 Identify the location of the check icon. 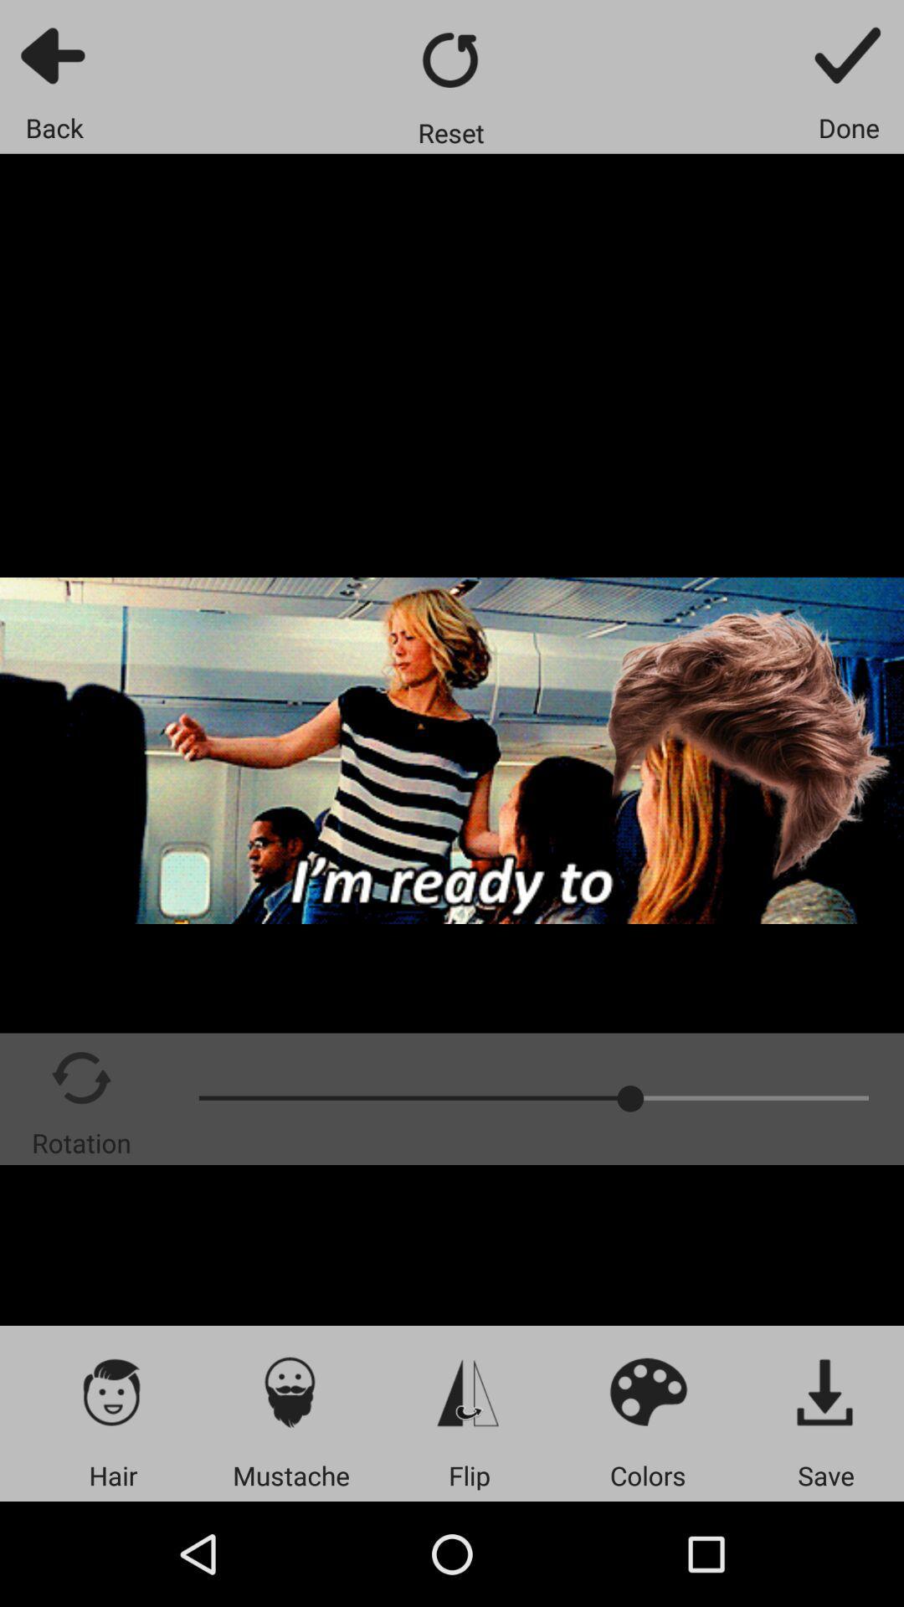
(849, 54).